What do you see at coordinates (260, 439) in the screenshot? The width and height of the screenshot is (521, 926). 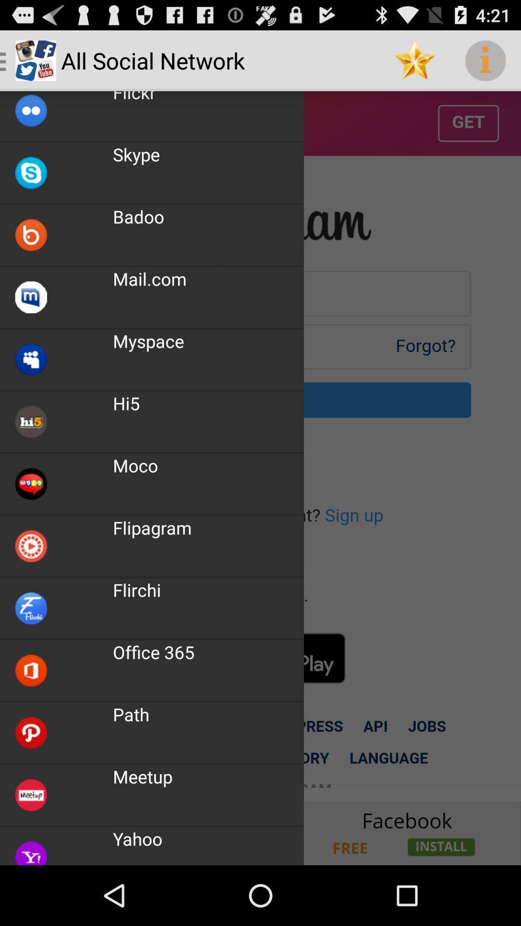 I see `icon at the center` at bounding box center [260, 439].